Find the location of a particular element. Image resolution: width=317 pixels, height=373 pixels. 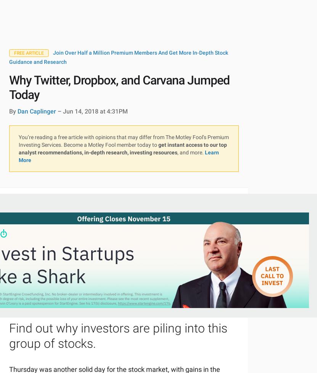

'126%' is located at coordinates (178, 192).